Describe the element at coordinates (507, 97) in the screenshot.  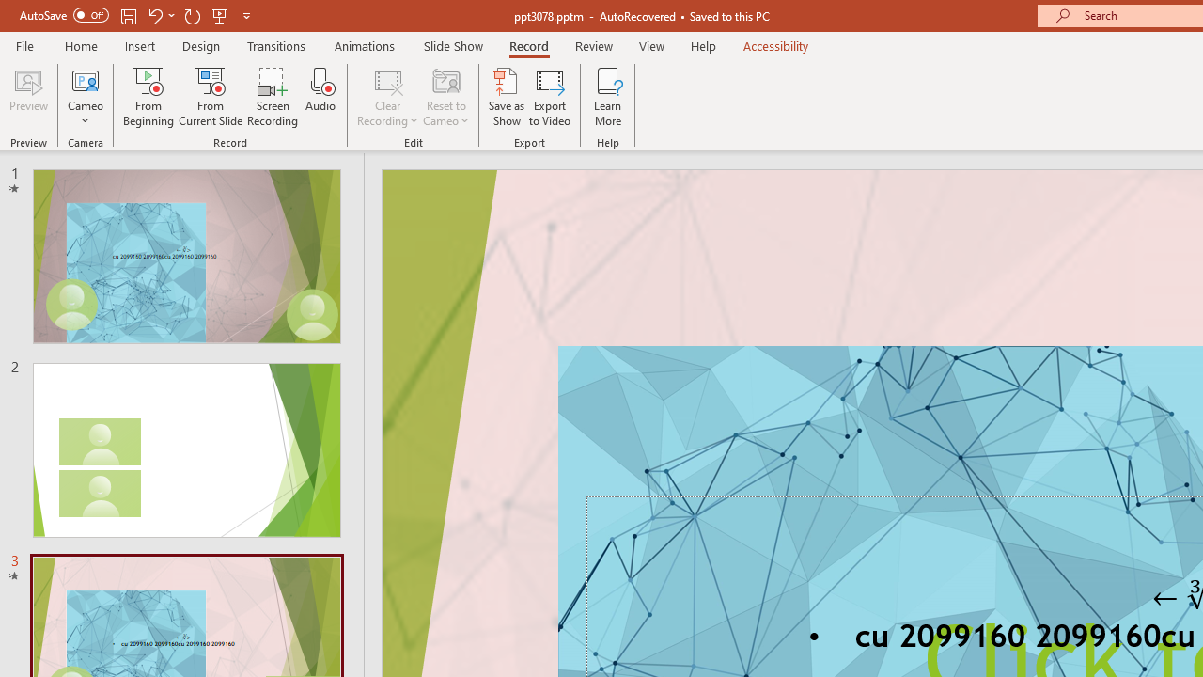
I see `'Save as Show'` at that location.